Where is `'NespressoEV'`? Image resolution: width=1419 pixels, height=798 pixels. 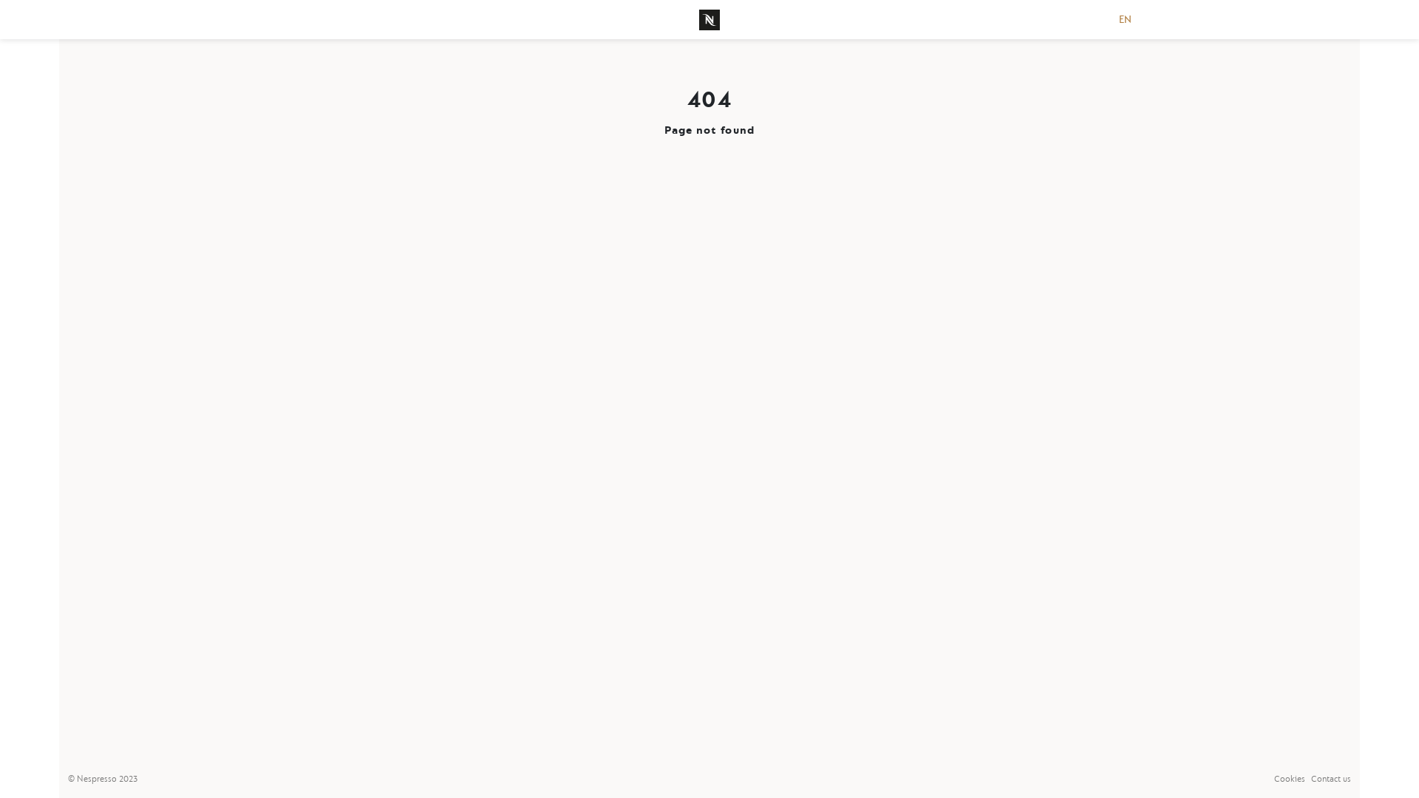 'NespressoEV' is located at coordinates (709, 19).